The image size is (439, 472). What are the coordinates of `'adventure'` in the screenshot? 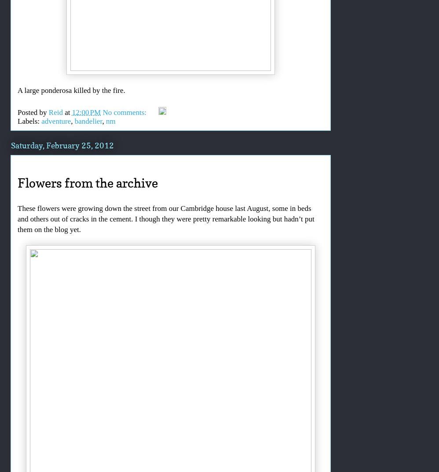 It's located at (56, 120).